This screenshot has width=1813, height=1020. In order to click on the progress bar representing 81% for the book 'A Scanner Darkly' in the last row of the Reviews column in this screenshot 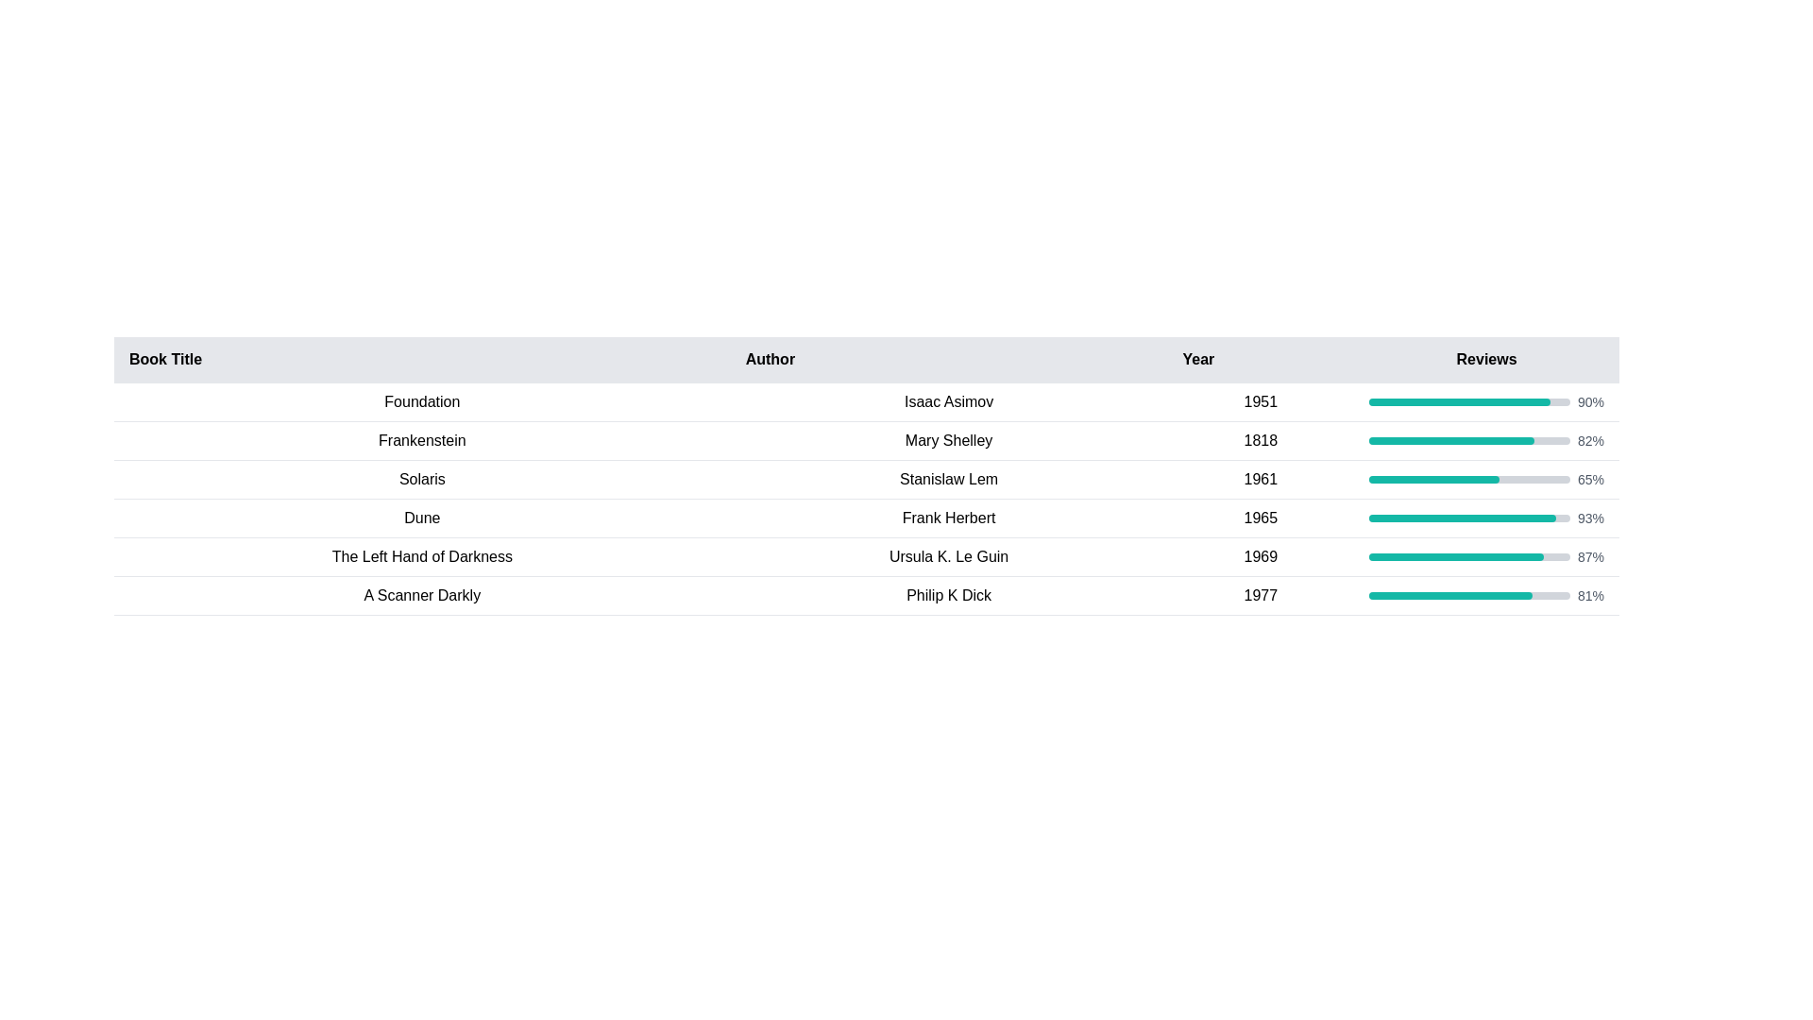, I will do `click(1485, 596)`.